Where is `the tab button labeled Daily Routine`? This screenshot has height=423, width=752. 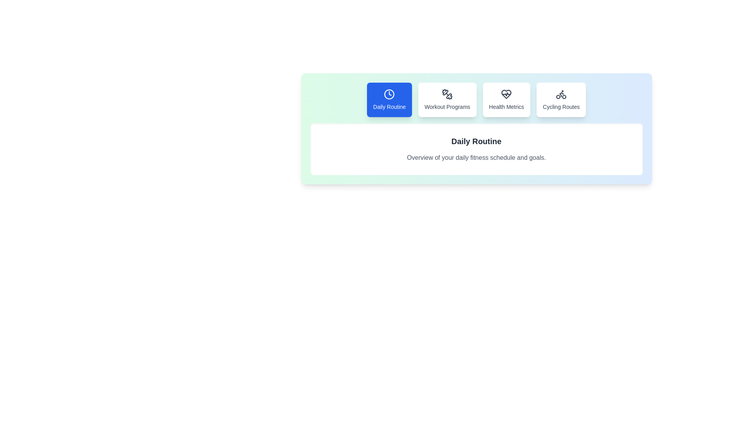
the tab button labeled Daily Routine is located at coordinates (389, 99).